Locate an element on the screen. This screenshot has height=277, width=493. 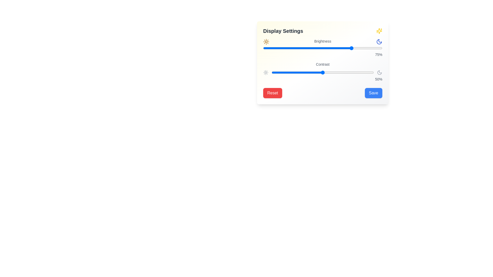
the contrast level is located at coordinates (272, 72).